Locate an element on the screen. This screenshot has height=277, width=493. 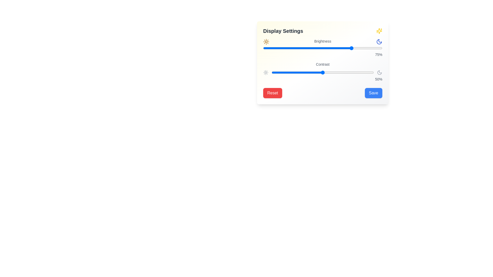
the contrast level is located at coordinates (272, 72).